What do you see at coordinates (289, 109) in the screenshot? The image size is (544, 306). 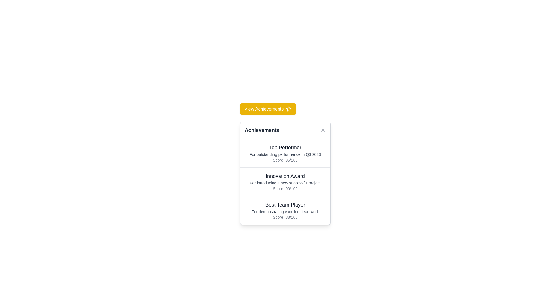 I see `the yellow star icon with a hollow center that is located next to the text 'View Achievements' in the yellow button` at bounding box center [289, 109].